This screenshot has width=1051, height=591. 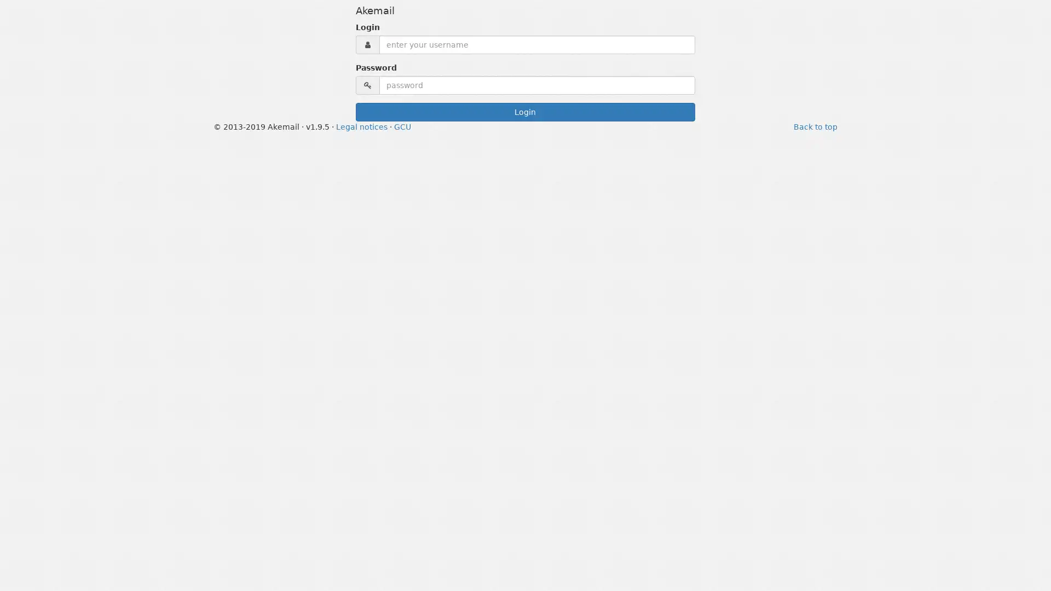 What do you see at coordinates (524, 112) in the screenshot?
I see `Login` at bounding box center [524, 112].